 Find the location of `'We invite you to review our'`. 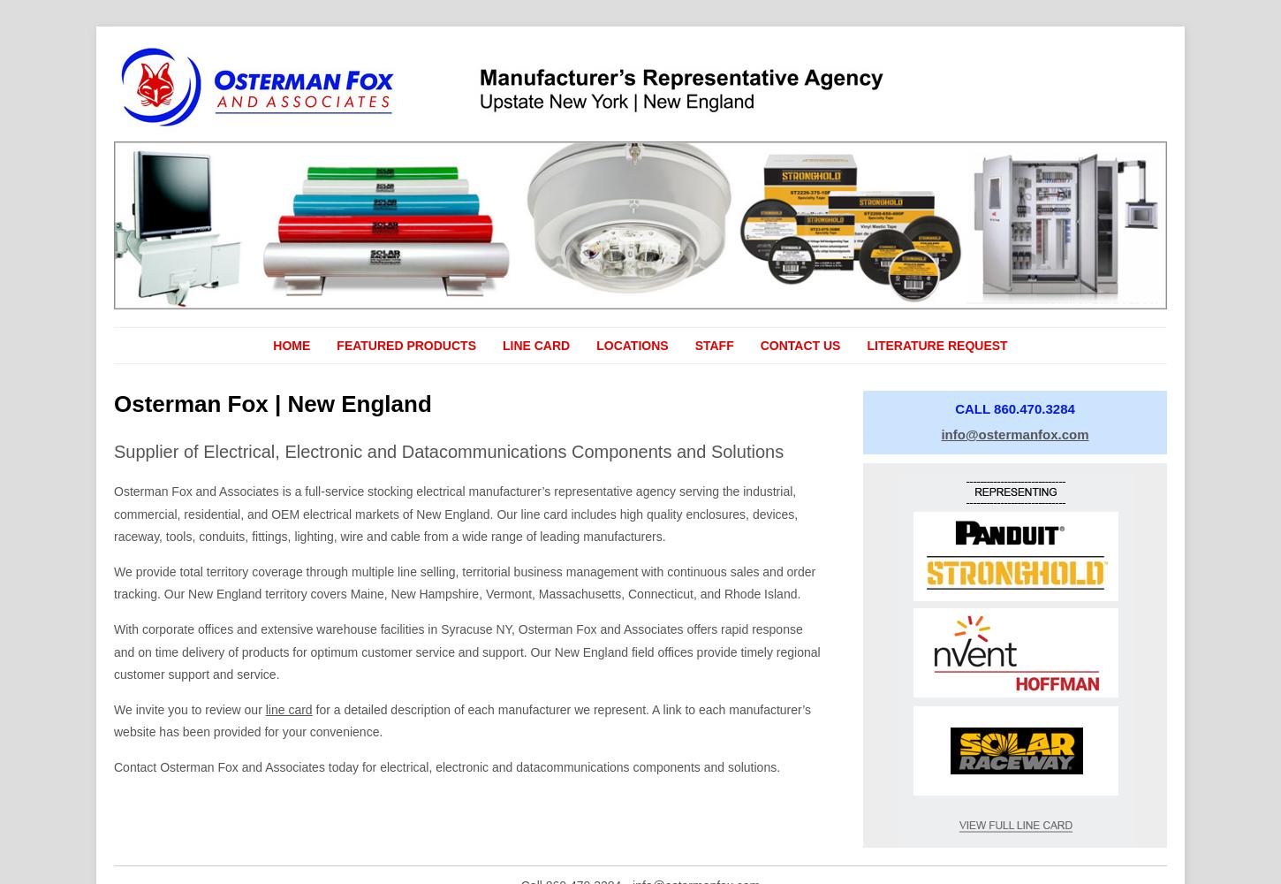

'We invite you to review our' is located at coordinates (113, 709).